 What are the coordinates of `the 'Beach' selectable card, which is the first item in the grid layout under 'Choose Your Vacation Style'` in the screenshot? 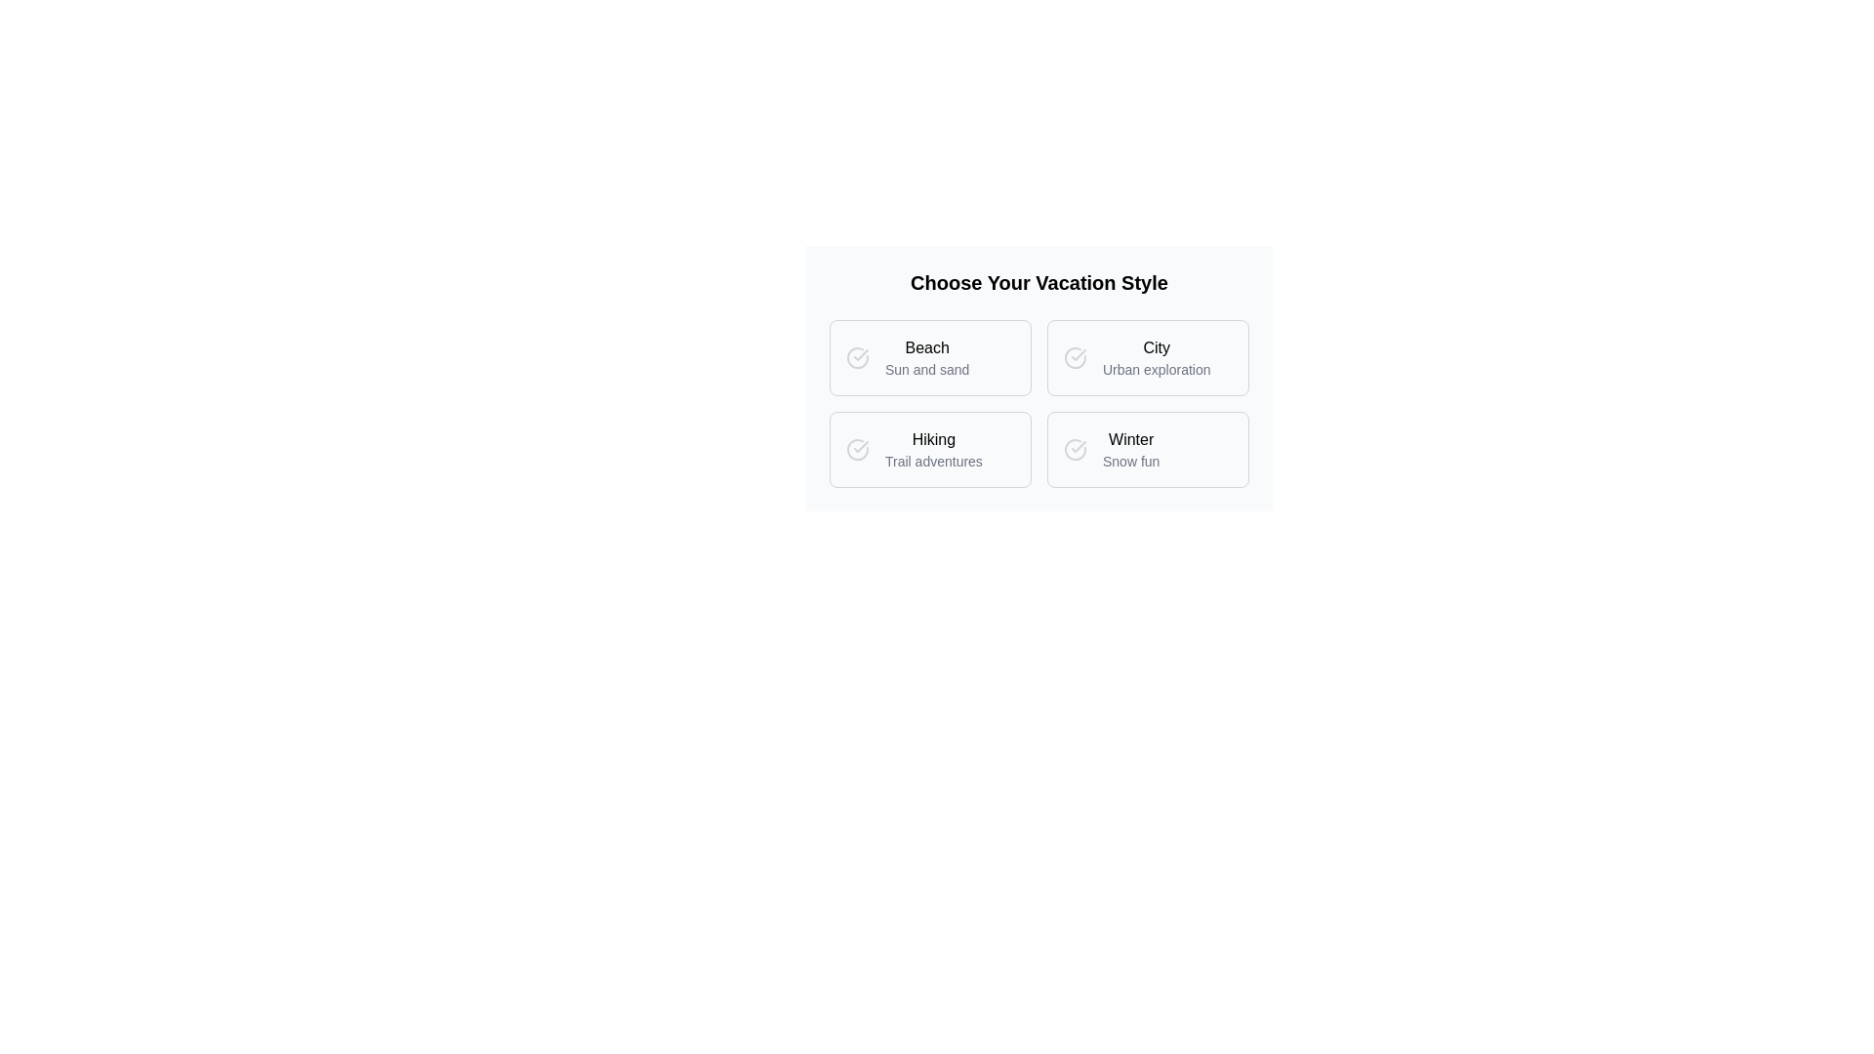 It's located at (929, 357).